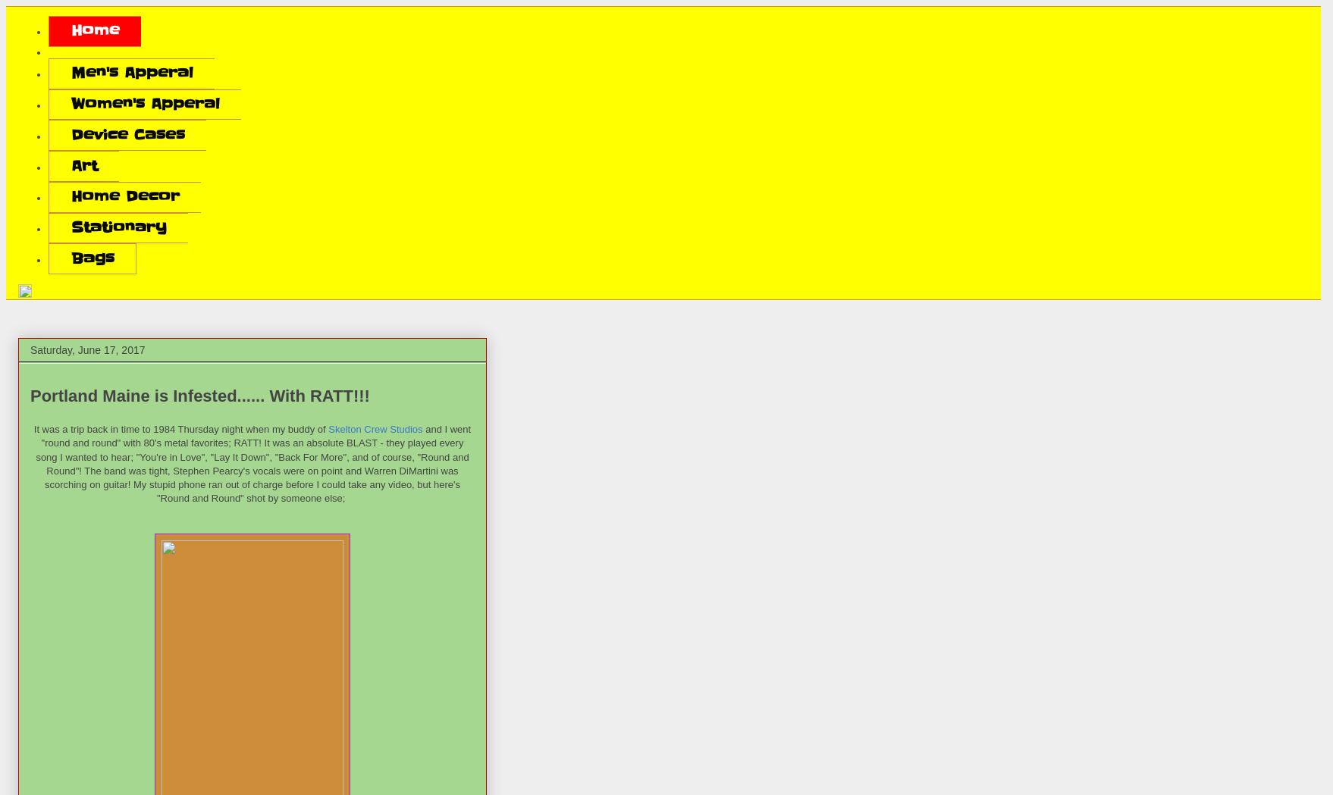 This screenshot has height=795, width=1333. I want to click on 'It was a trip back in time to 1984 Thursday night when my buddy  of', so click(33, 428).